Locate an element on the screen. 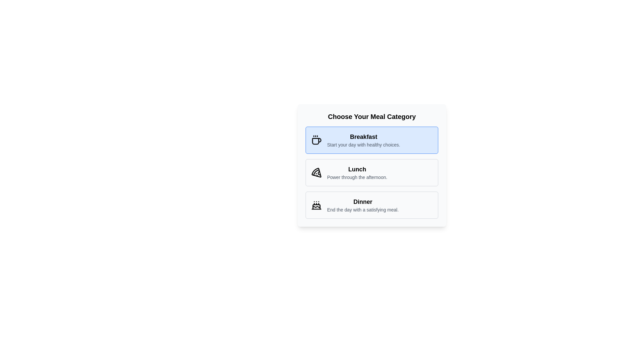 Image resolution: width=637 pixels, height=358 pixels. the circular pizza slice icon located in the 'Lunch' section, which is part of a vertical list of options labeled 'Breakfast,' 'Lunch,' and 'Dinner.' is located at coordinates (316, 172).